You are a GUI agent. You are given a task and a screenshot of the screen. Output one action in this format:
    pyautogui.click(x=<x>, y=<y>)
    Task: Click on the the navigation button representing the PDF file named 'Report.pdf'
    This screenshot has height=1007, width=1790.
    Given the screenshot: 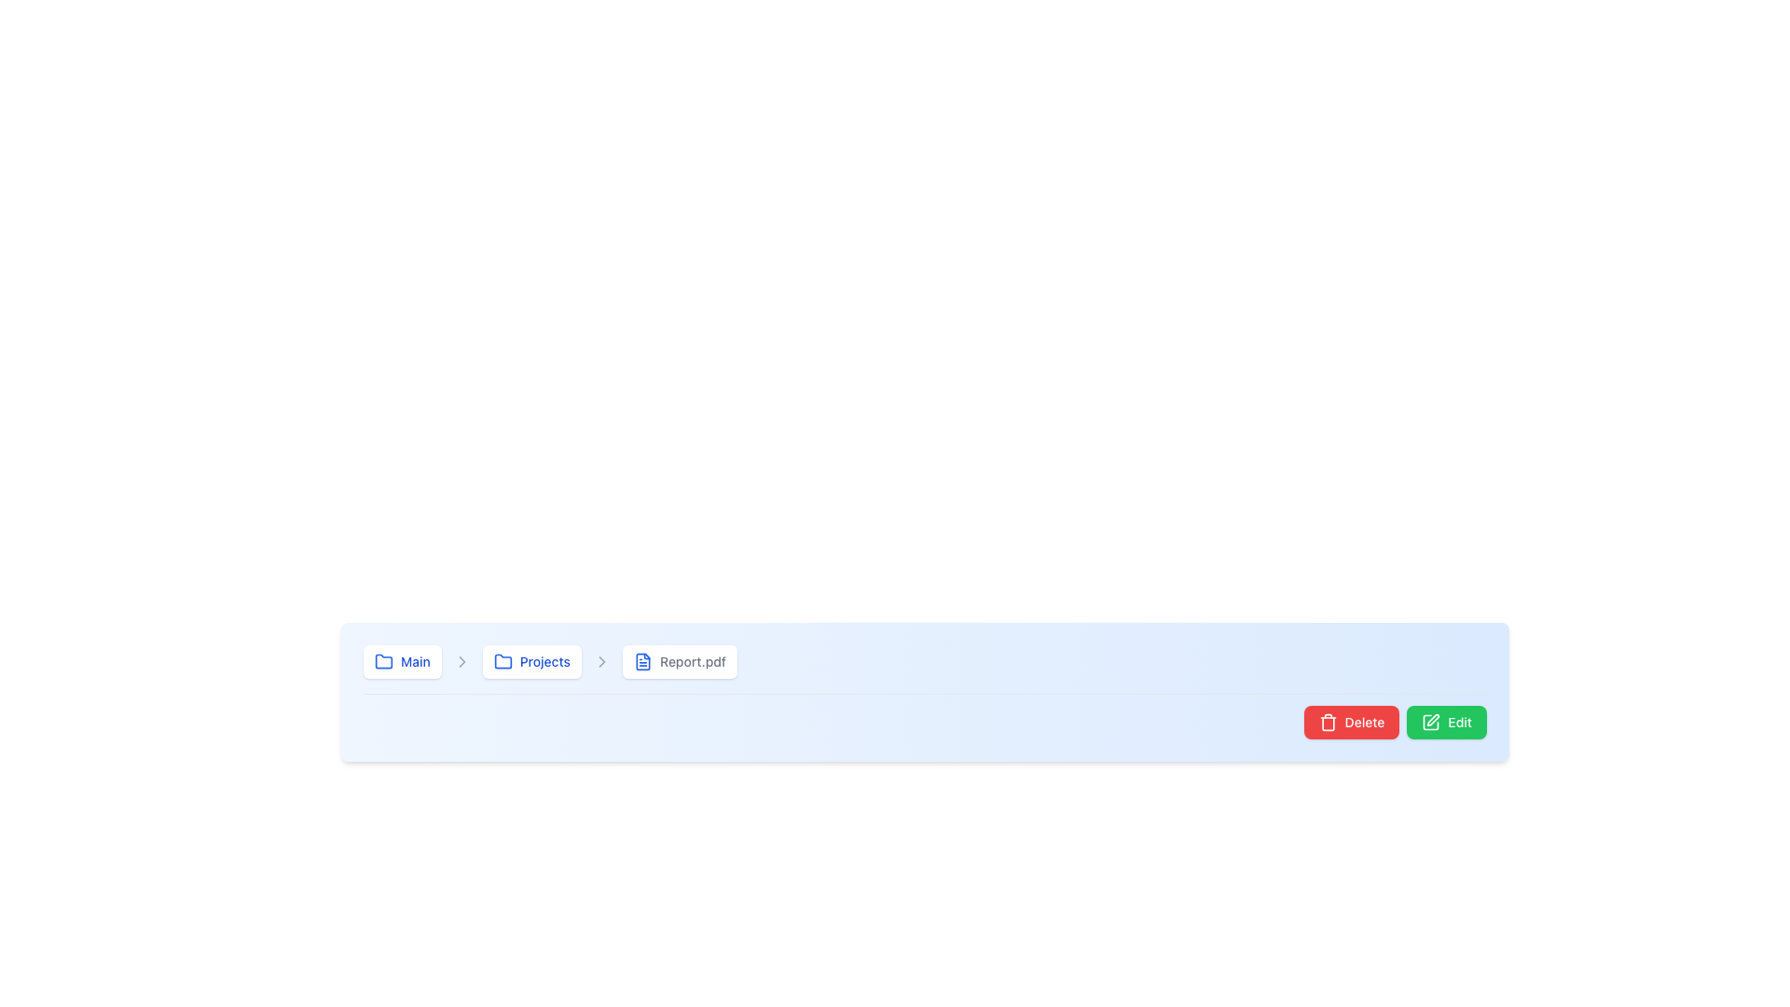 What is the action you would take?
    pyautogui.click(x=679, y=660)
    